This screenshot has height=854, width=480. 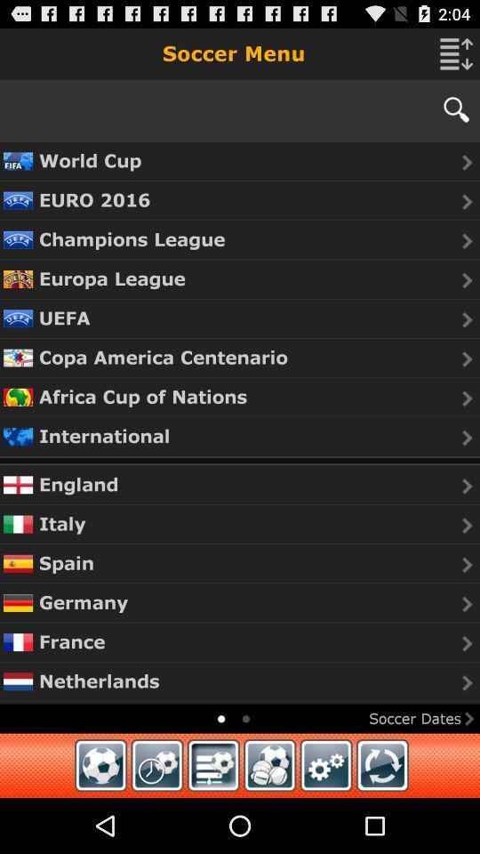 I want to click on the caret right arrow which is to the right side of the word england, so click(x=468, y=486).